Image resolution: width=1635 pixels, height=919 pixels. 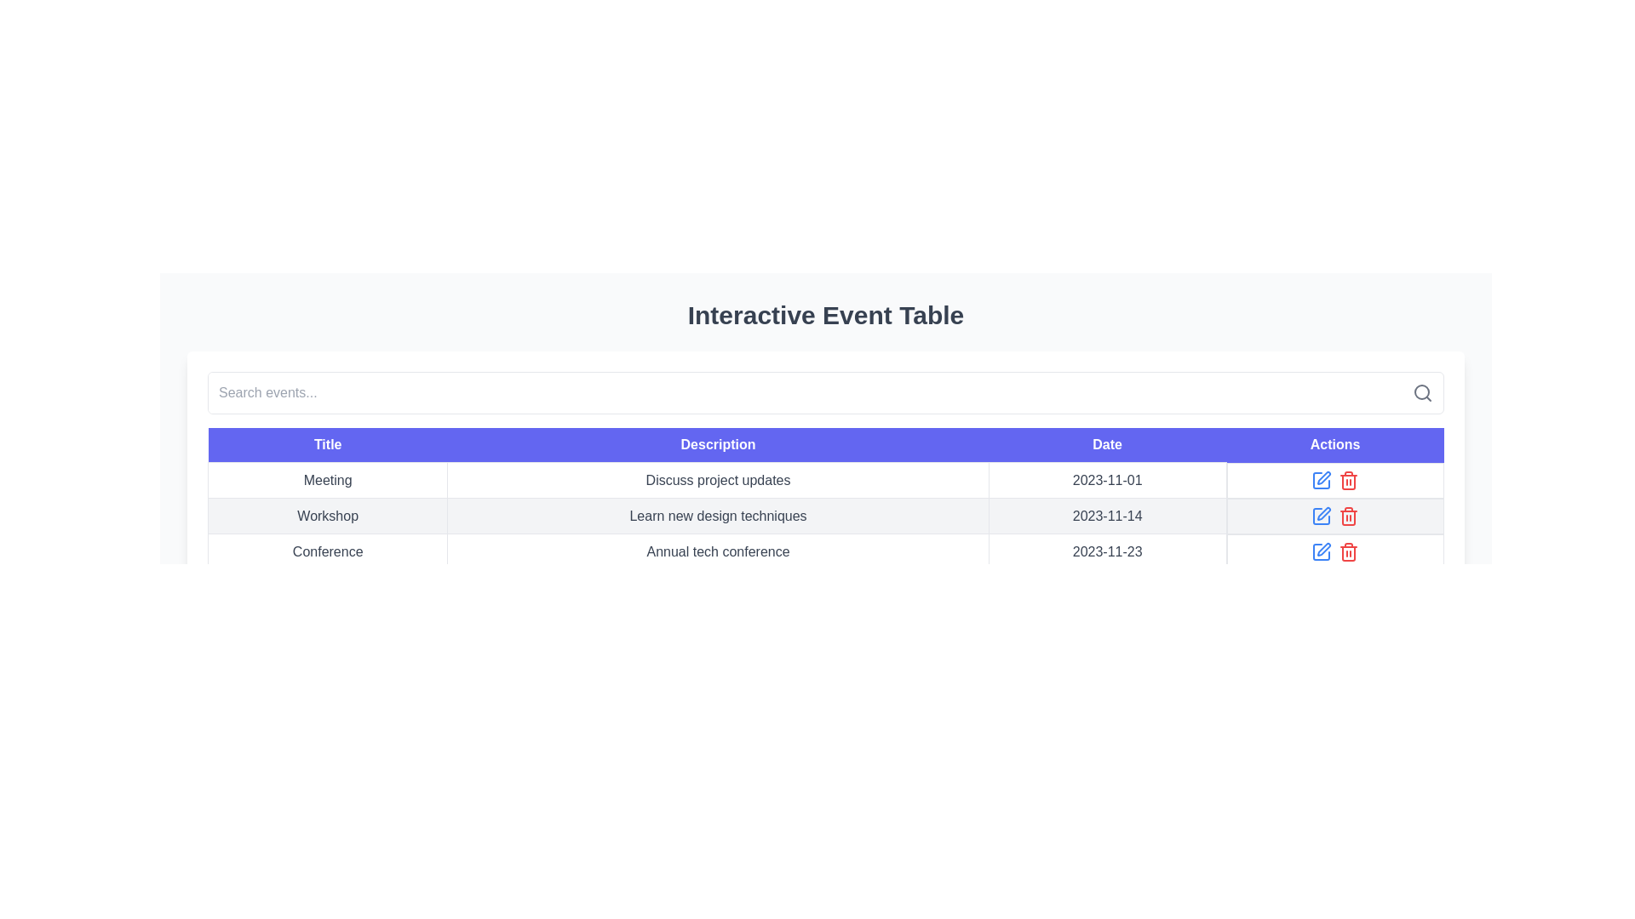 What do you see at coordinates (1422, 392) in the screenshot?
I see `the decorative circle component of the search icon, which represents the lens of a magnifying glass, located at the top-right area of the interface` at bounding box center [1422, 392].